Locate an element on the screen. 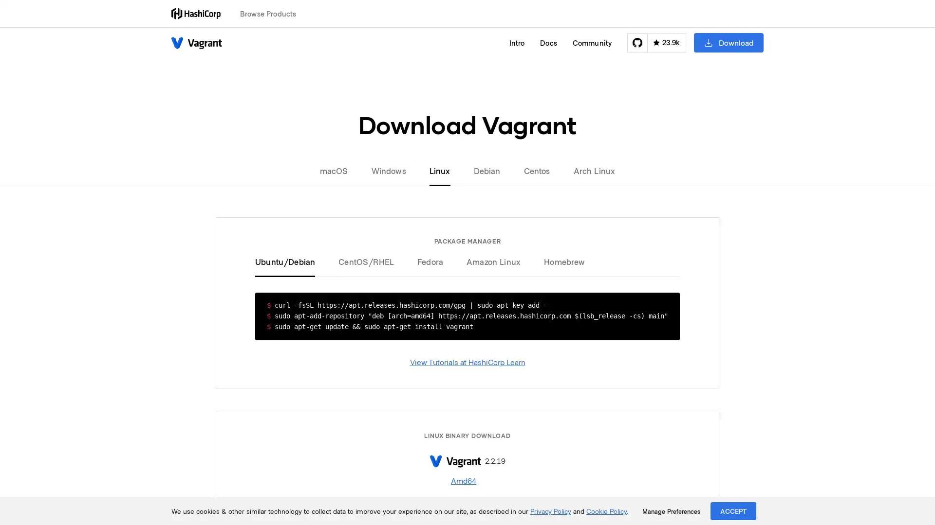  Manage Preferences is located at coordinates (671, 511).